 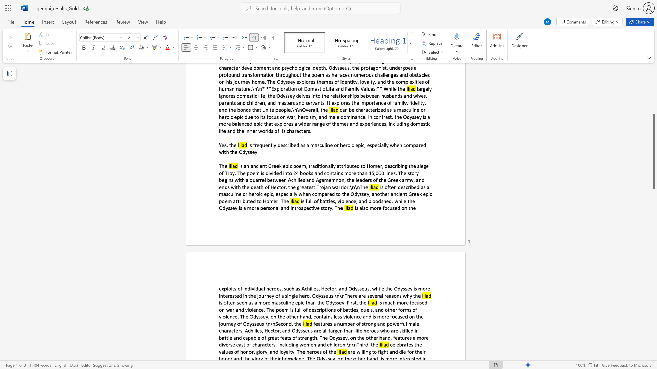 What do you see at coordinates (653, 151) in the screenshot?
I see `the scrollbar and move down 520 pixels` at bounding box center [653, 151].